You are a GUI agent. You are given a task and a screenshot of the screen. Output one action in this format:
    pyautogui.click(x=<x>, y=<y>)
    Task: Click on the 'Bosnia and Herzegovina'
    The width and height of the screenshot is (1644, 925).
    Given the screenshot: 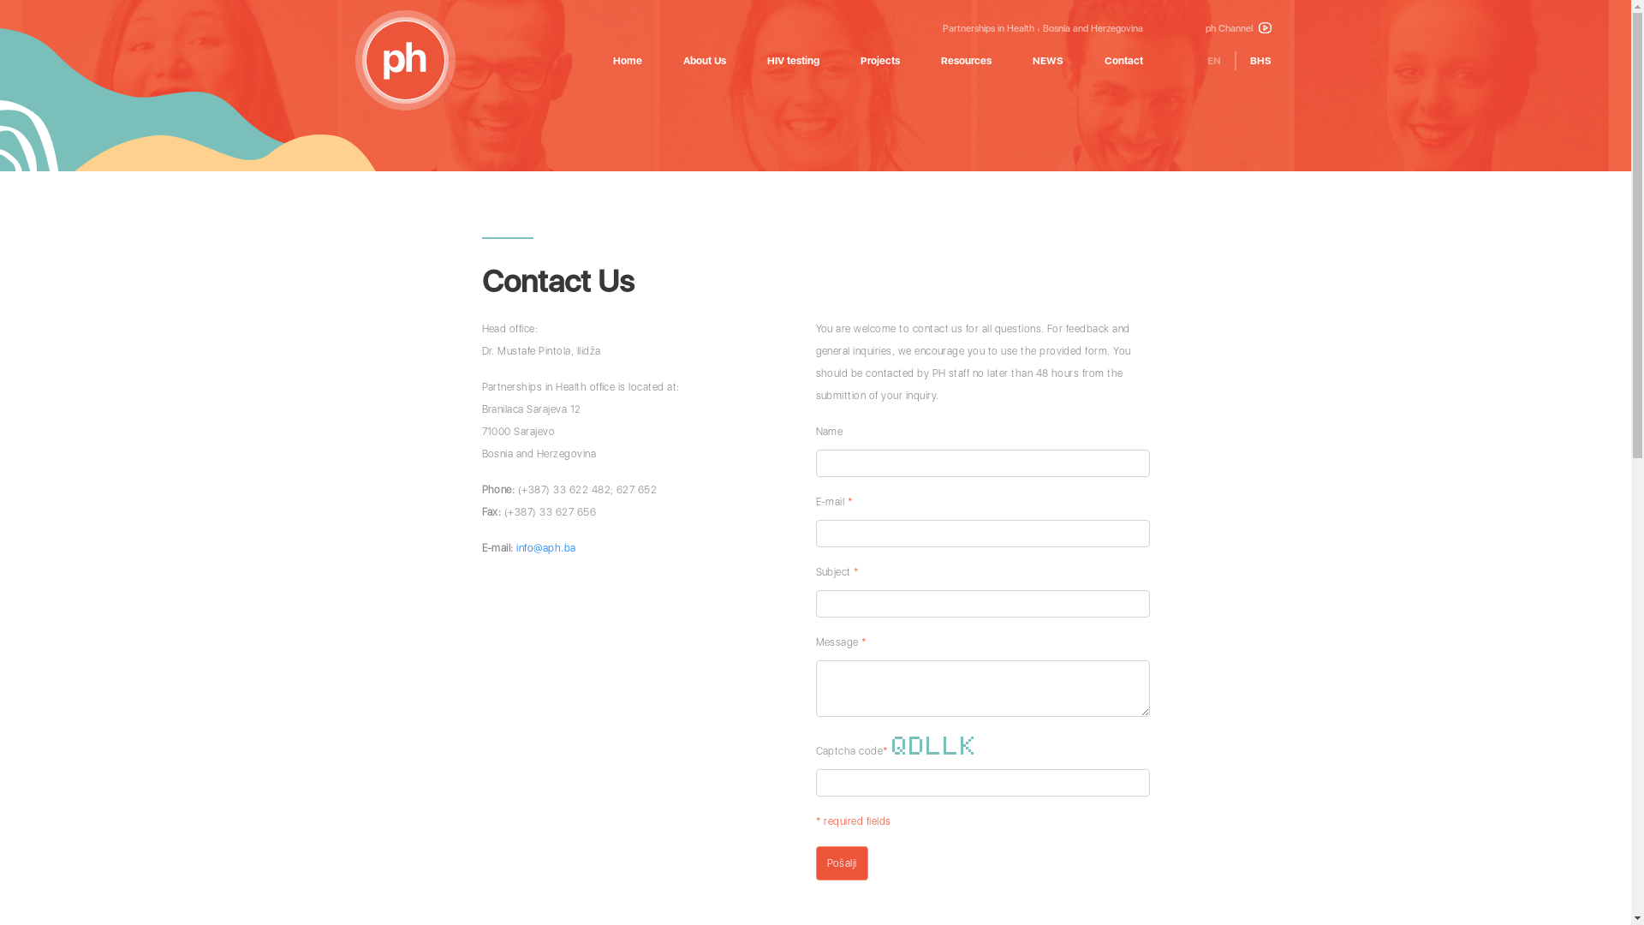 What is the action you would take?
    pyautogui.click(x=1092, y=28)
    